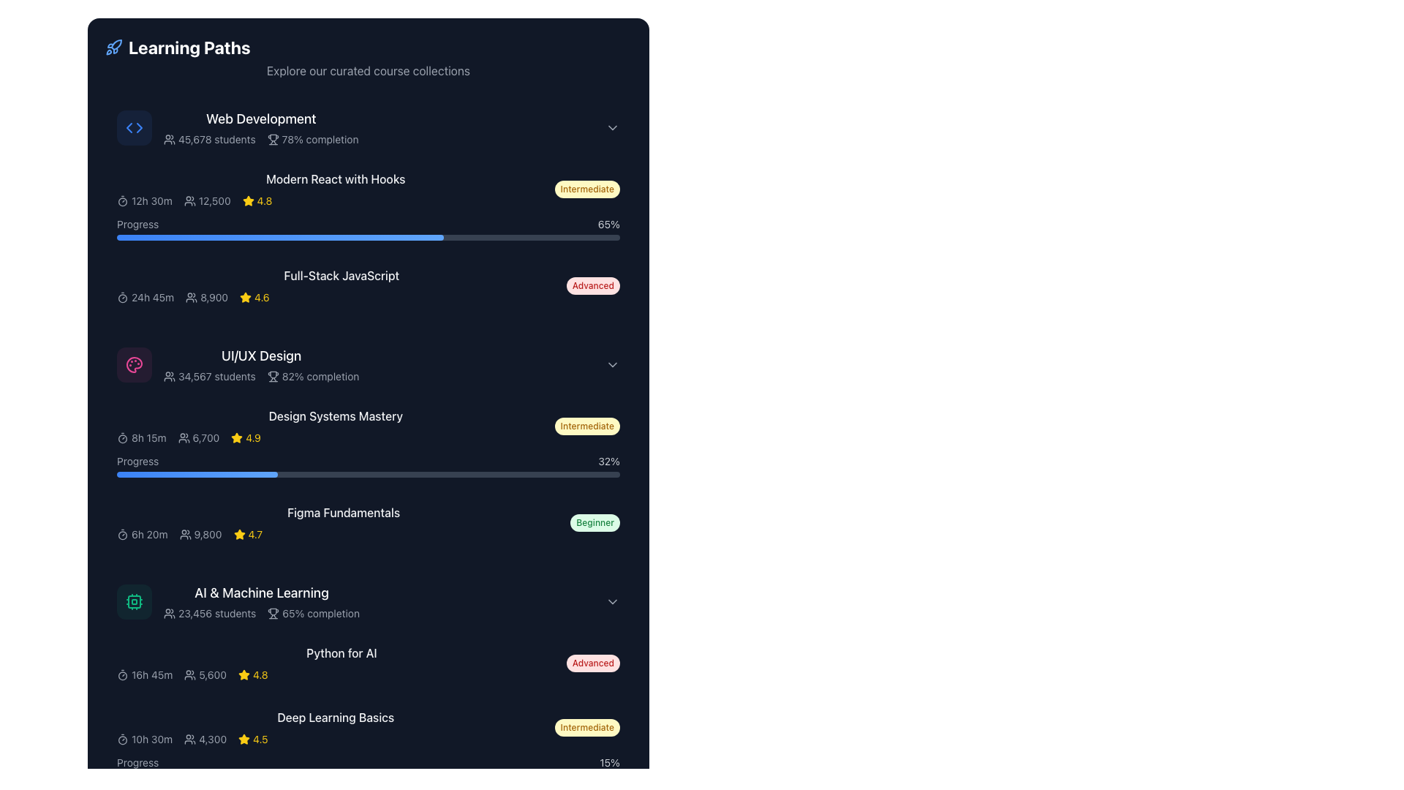 This screenshot has height=790, width=1404. Describe the element at coordinates (369, 70) in the screenshot. I see `the text element stating 'Explore our curated course collections', which is positioned below the 'Learning Paths' title` at that location.